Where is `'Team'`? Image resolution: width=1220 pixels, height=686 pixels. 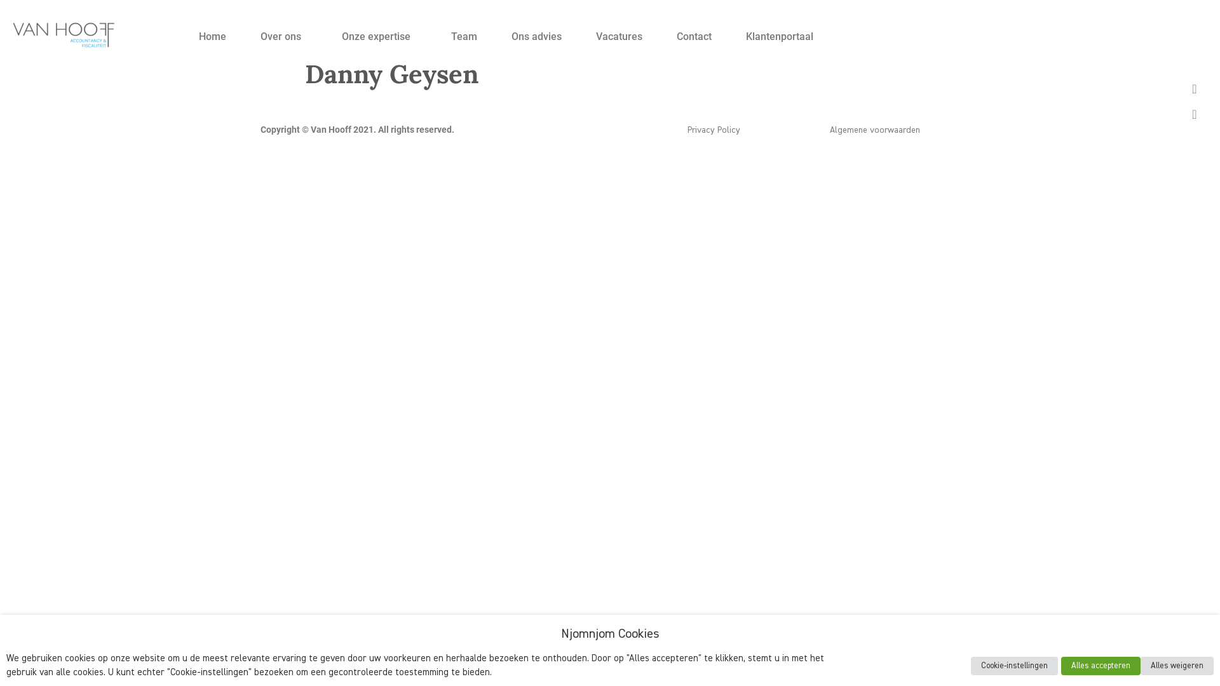 'Team' is located at coordinates (463, 36).